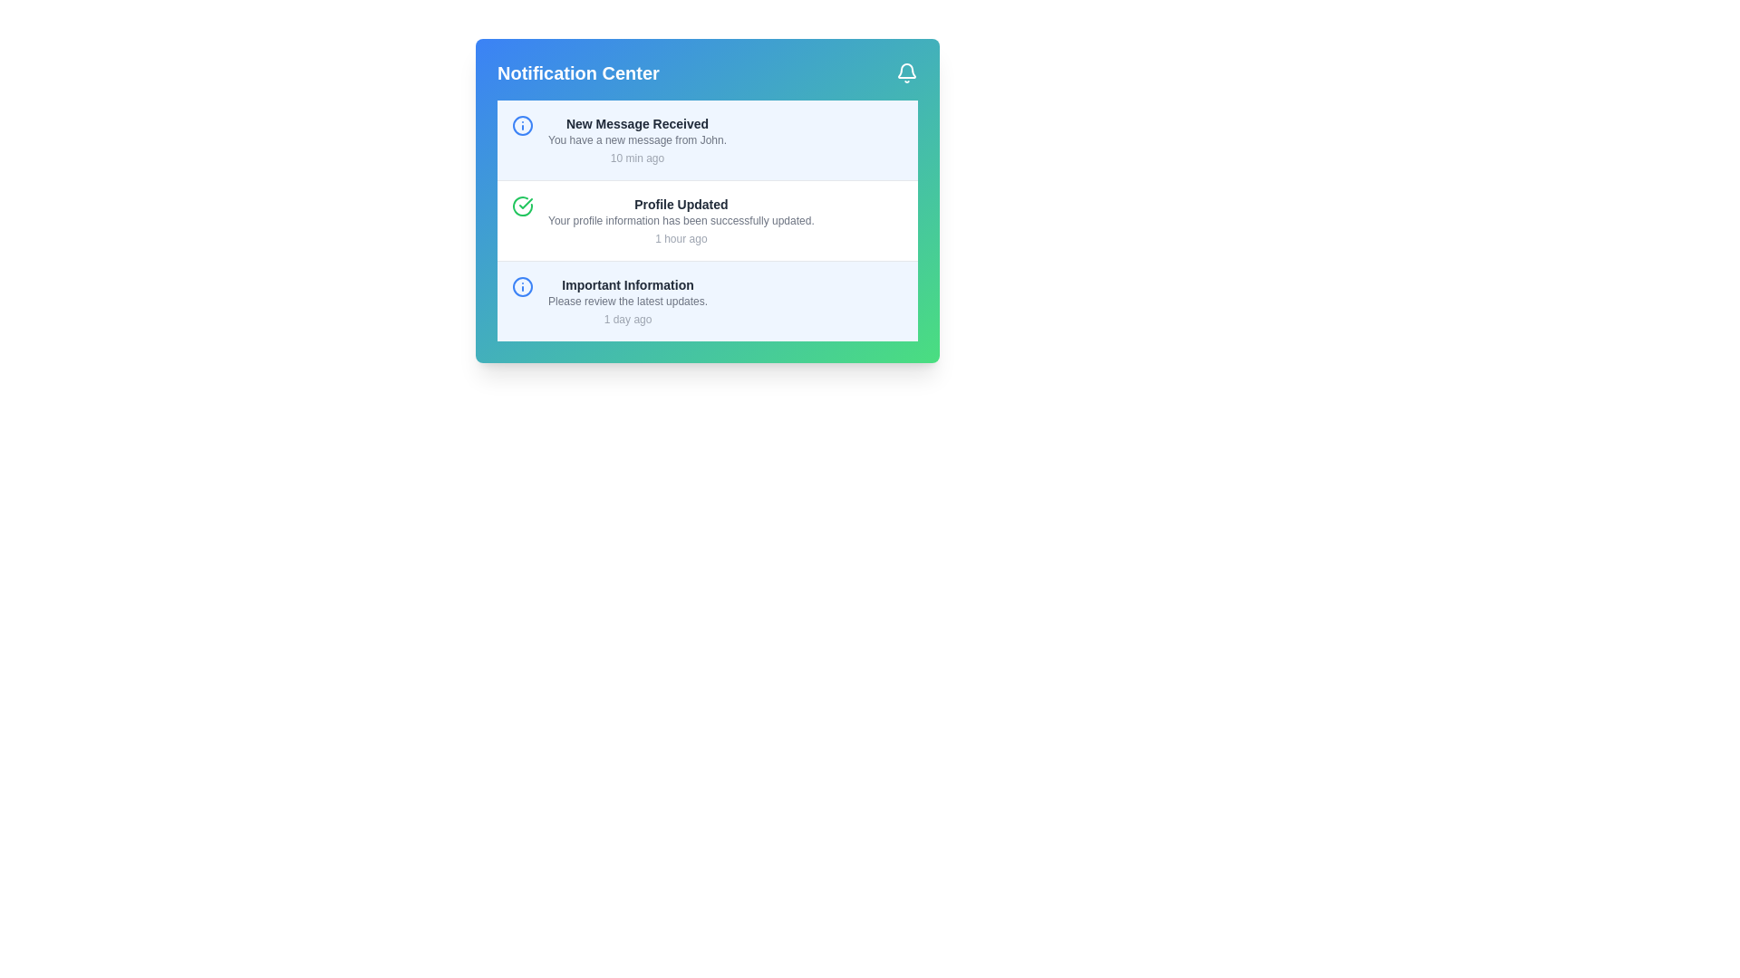 The width and height of the screenshot is (1740, 978). What do you see at coordinates (521, 124) in the screenshot?
I see `the circular 'info' icon with a blue border located to the left of the 'New Message Received' notification in the notification center panel` at bounding box center [521, 124].